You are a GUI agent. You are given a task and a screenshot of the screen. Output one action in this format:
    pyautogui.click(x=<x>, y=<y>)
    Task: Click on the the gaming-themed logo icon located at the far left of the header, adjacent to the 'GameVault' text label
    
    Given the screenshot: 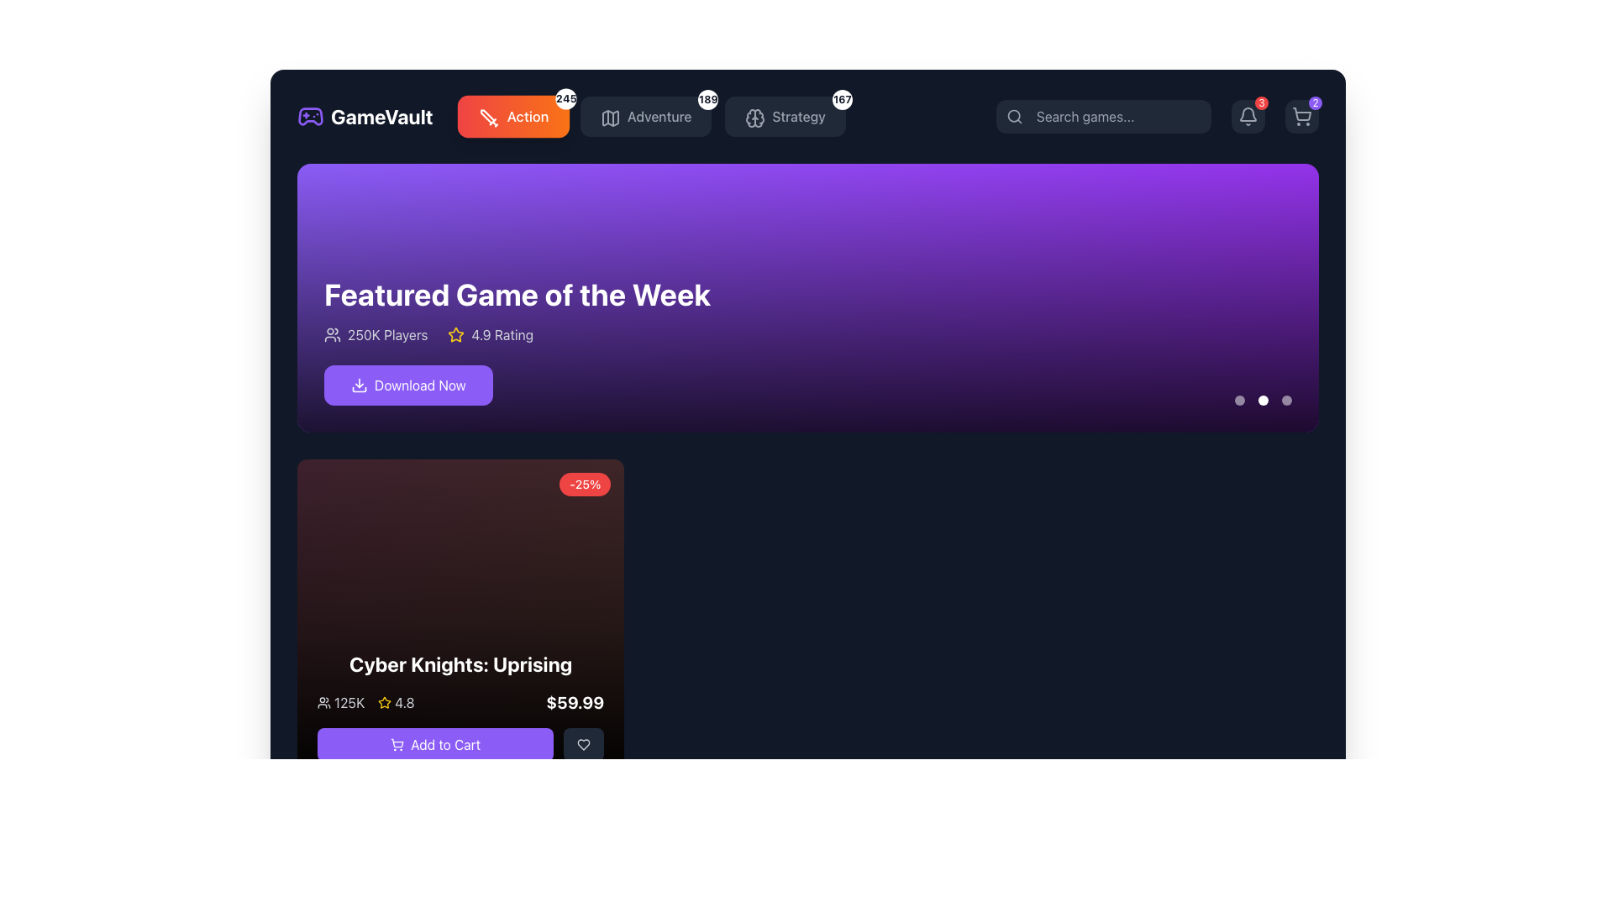 What is the action you would take?
    pyautogui.click(x=310, y=115)
    